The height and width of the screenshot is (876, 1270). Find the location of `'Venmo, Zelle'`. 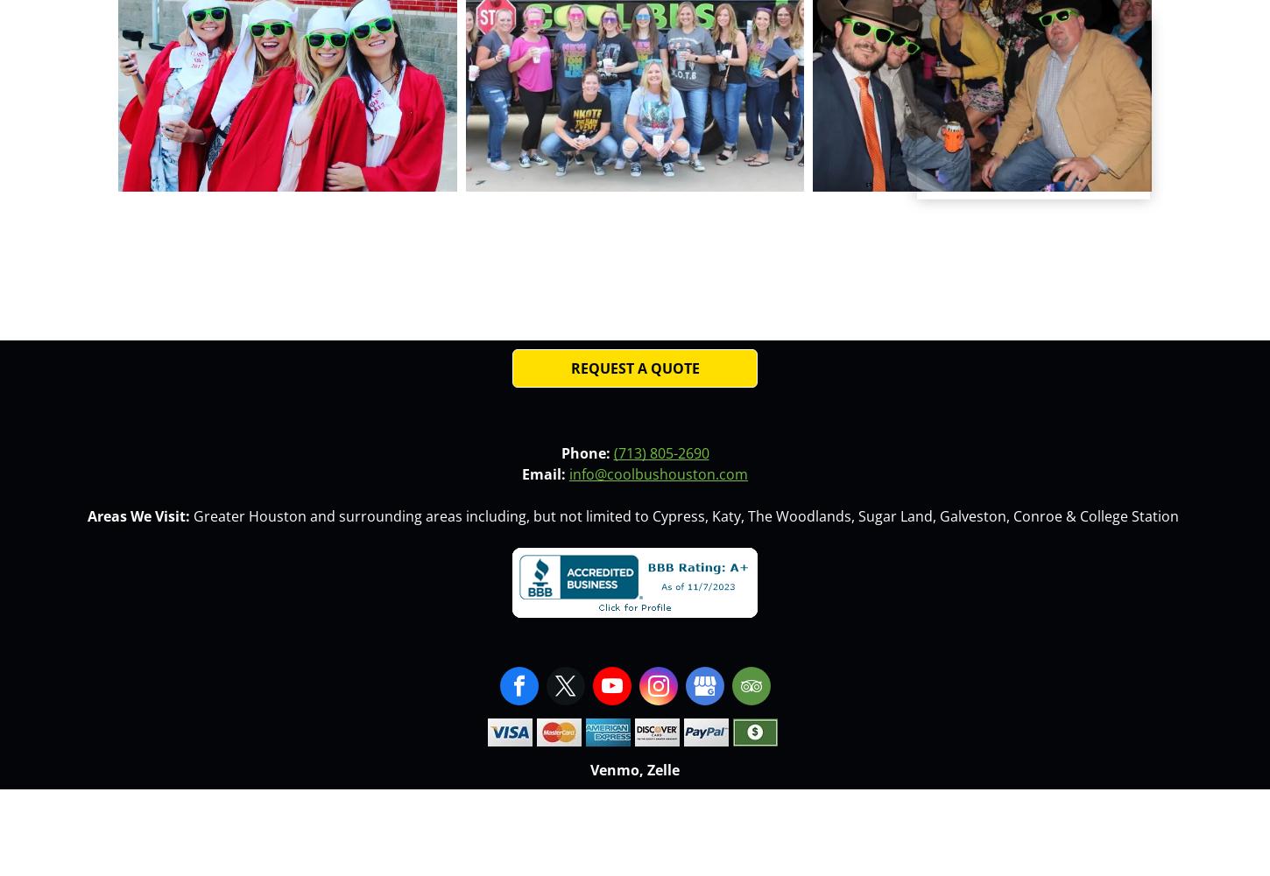

'Venmo, Zelle' is located at coordinates (635, 768).